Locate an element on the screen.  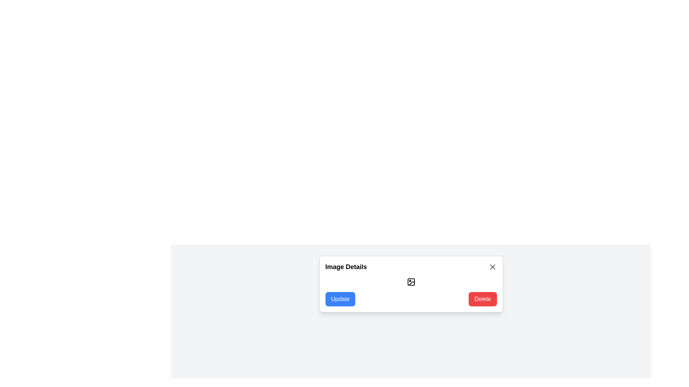
the SVG image icon located in the middle of the dialog box, under the 'Image Details' heading is located at coordinates (411, 281).